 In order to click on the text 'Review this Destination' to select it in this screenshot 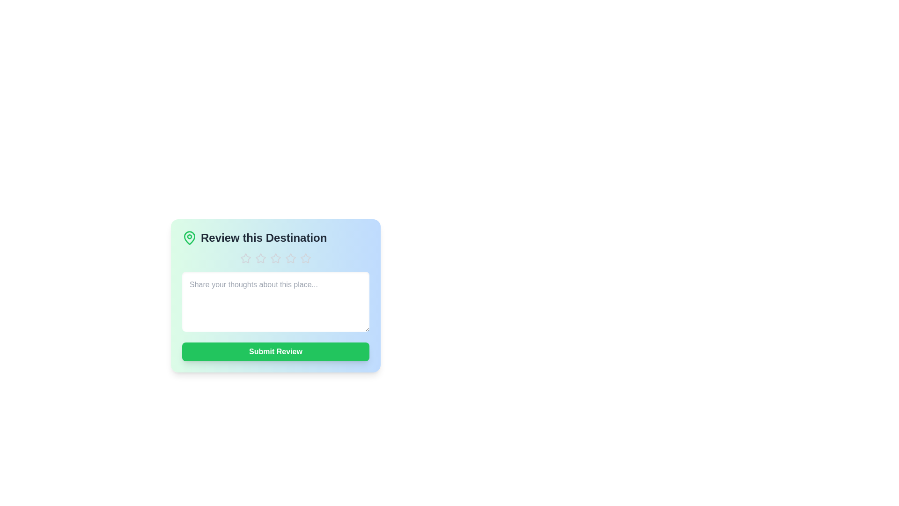, I will do `click(263, 238)`.